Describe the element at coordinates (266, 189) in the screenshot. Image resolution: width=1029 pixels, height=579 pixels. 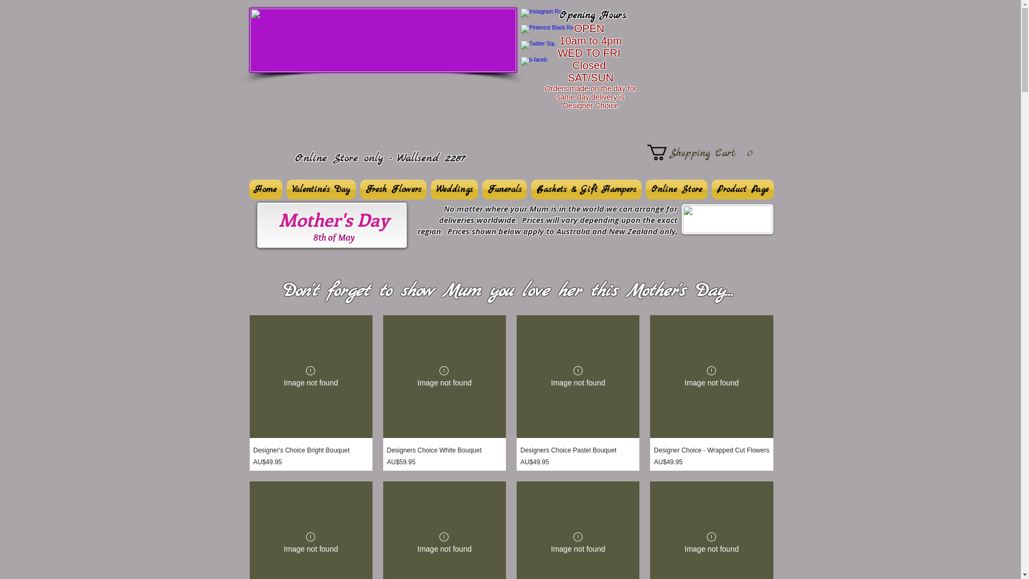
I see `'Home'` at that location.